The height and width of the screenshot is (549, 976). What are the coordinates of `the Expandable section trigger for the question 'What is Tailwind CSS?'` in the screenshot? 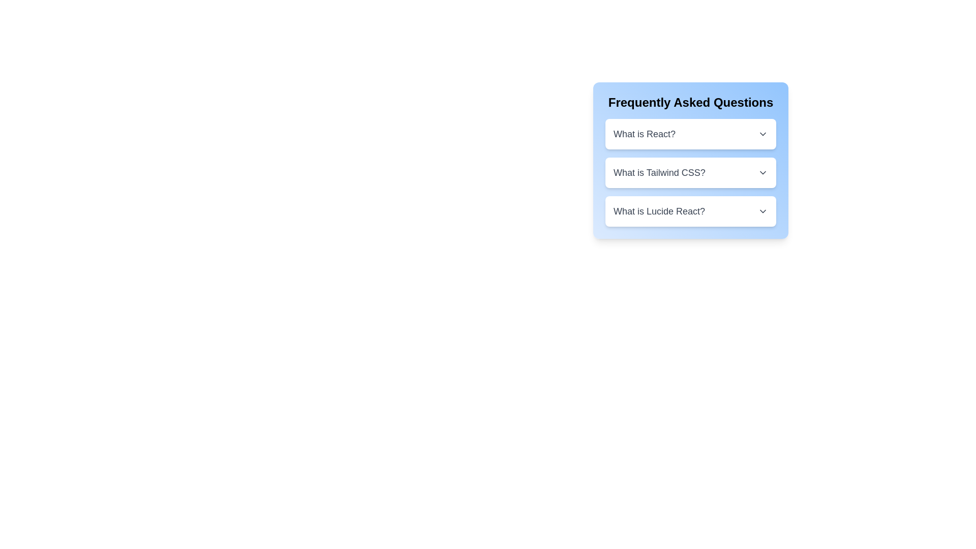 It's located at (690, 172).